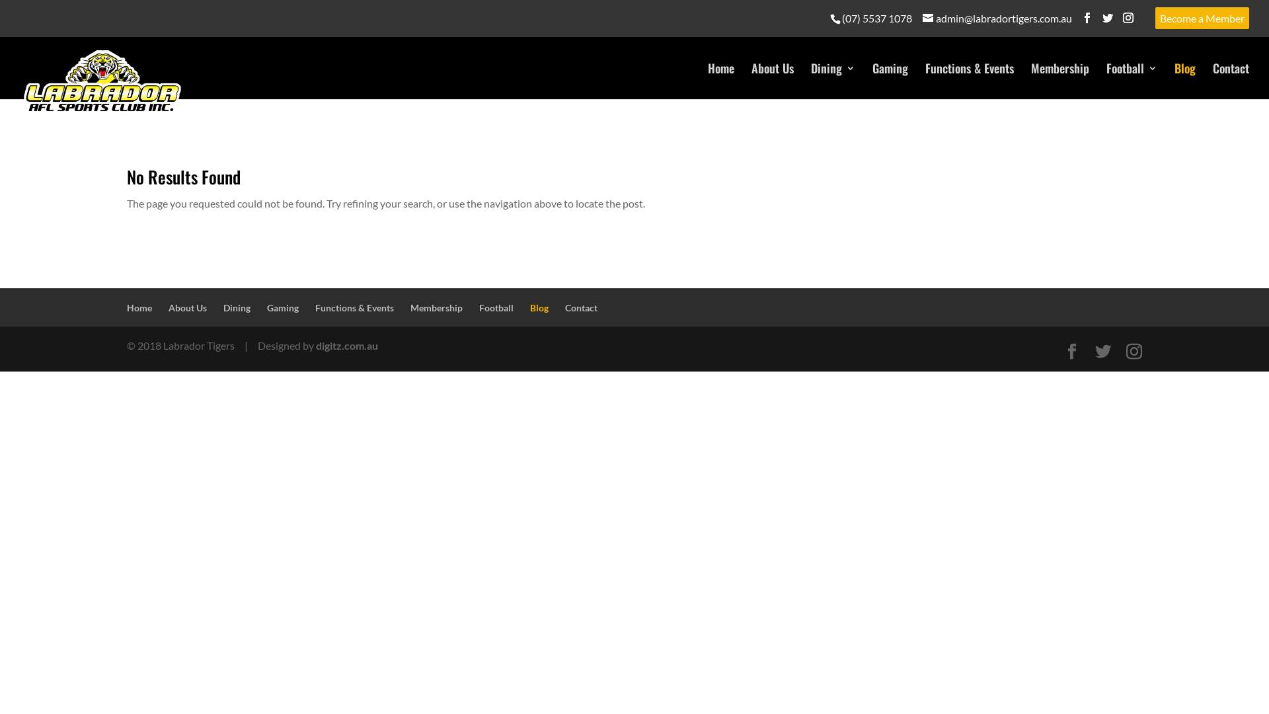  What do you see at coordinates (346, 344) in the screenshot?
I see `'digitz.com.au'` at bounding box center [346, 344].